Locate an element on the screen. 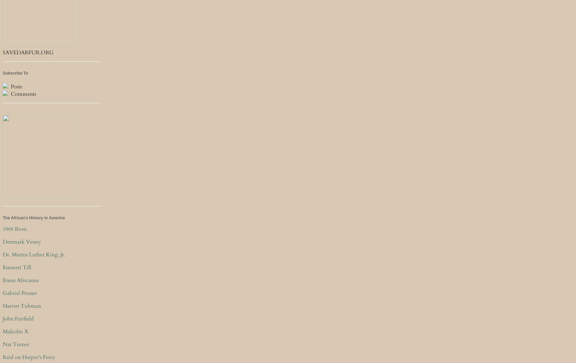 The height and width of the screenshot is (363, 576). 'Harriet Tubman' is located at coordinates (22, 305).